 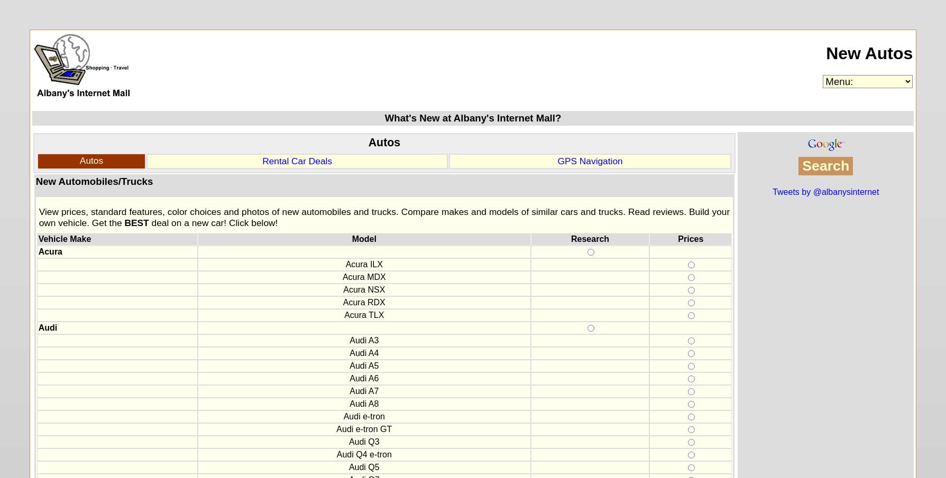 What do you see at coordinates (364, 264) in the screenshot?
I see `'Acura ILX'` at bounding box center [364, 264].